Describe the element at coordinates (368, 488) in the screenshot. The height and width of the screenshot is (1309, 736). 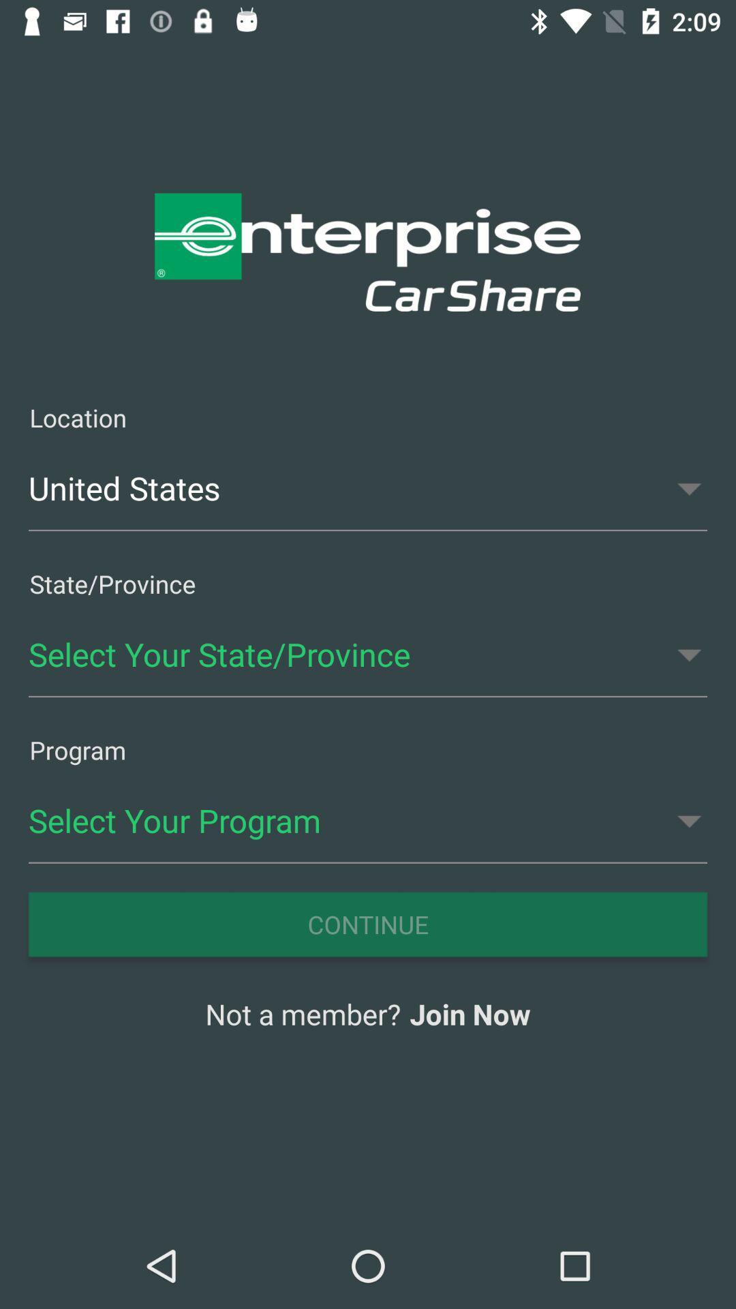
I see `the united states icon` at that location.